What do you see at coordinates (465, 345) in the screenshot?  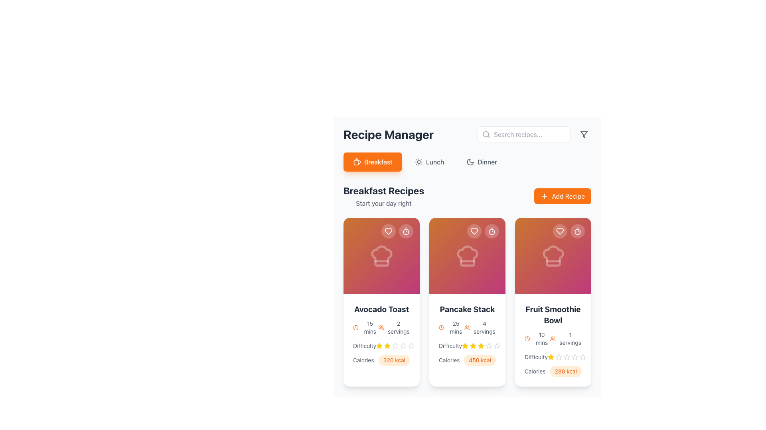 I see `the second yellow star-shaped icon in the ratings section under the 'Pancake Stack' card` at bounding box center [465, 345].